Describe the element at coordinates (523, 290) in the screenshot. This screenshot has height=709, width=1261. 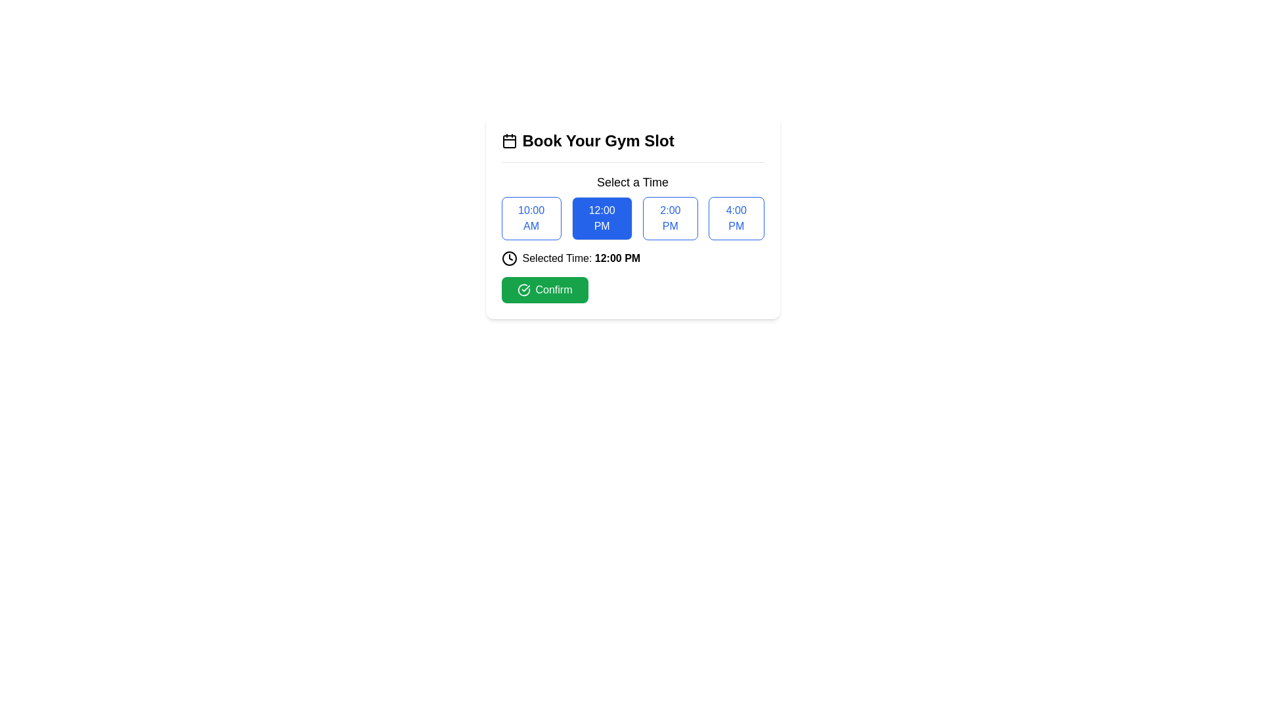
I see `the first segment of the circular graphical icon that is part of an SVG graphic located near the bottom-center of the layout` at that location.